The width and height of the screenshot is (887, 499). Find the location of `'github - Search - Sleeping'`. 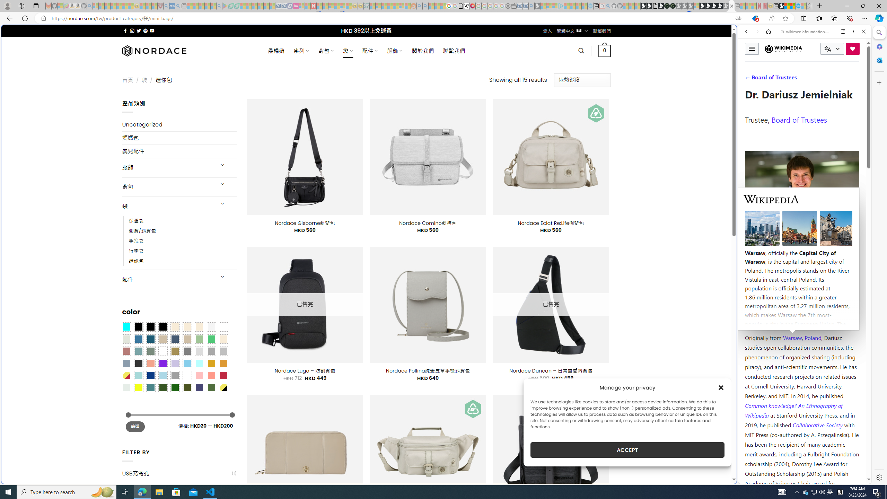

'github - Search - Sleeping' is located at coordinates (607, 6).